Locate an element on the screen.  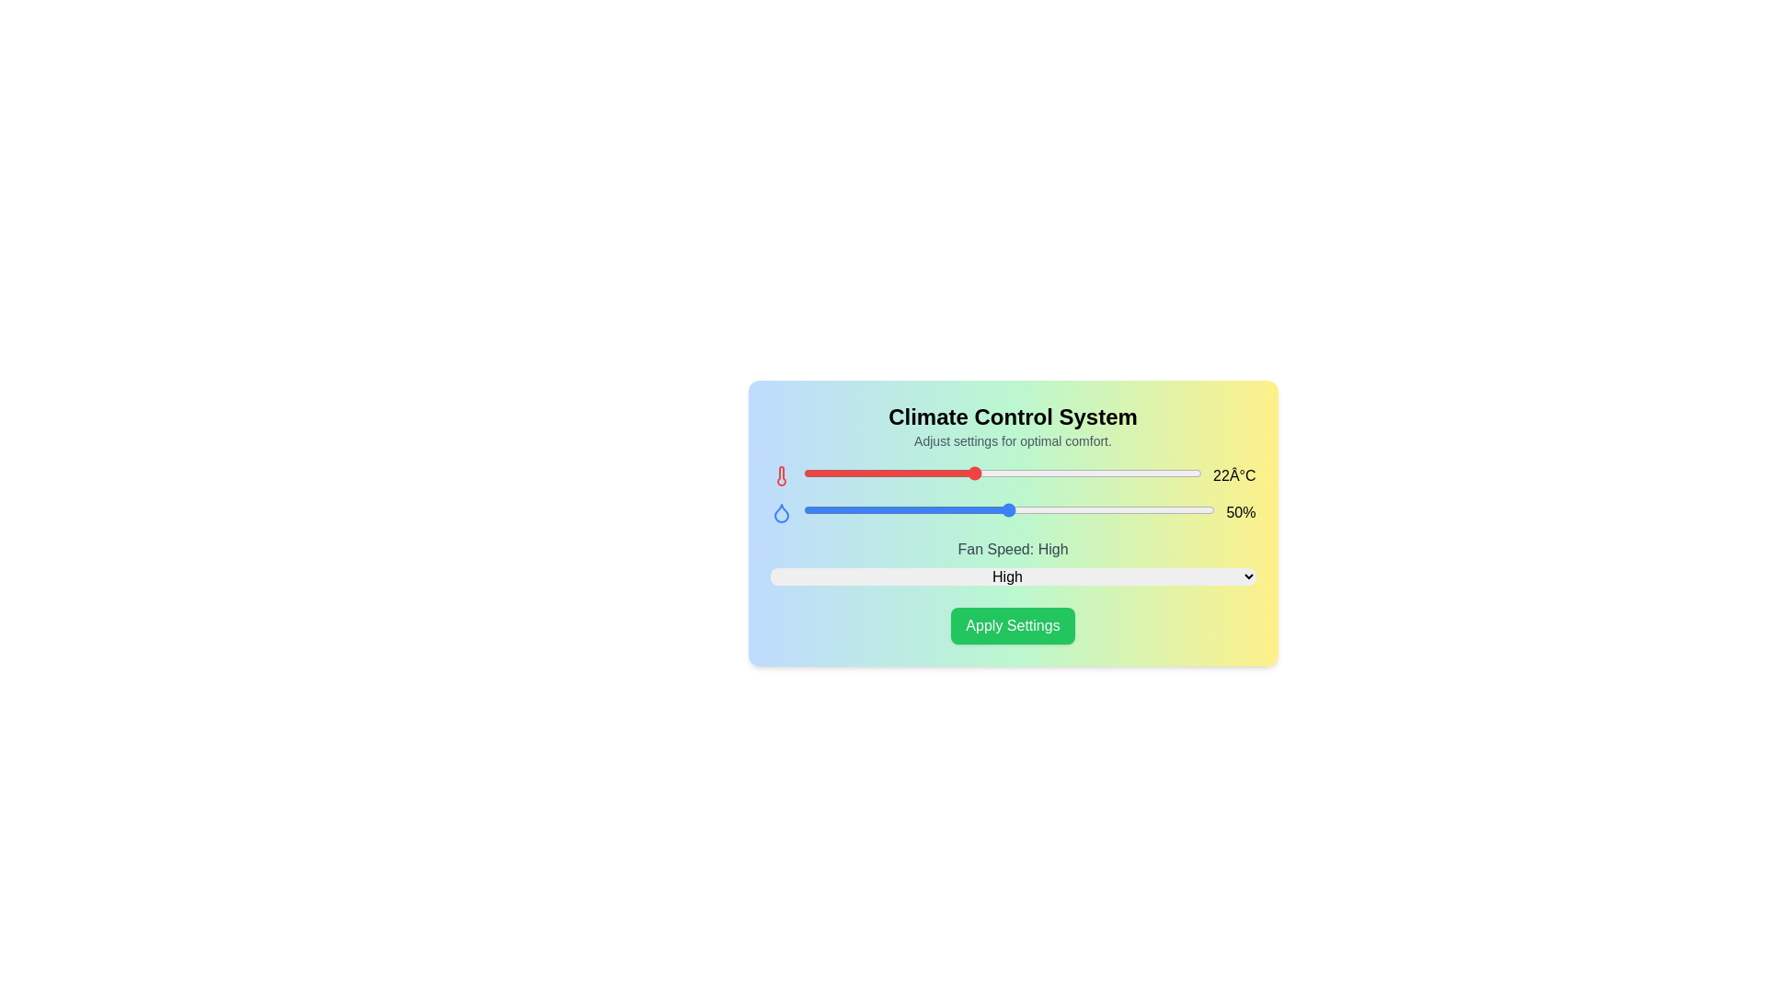
the temperature slider to 21 degrees Celsius is located at coordinates (946, 473).